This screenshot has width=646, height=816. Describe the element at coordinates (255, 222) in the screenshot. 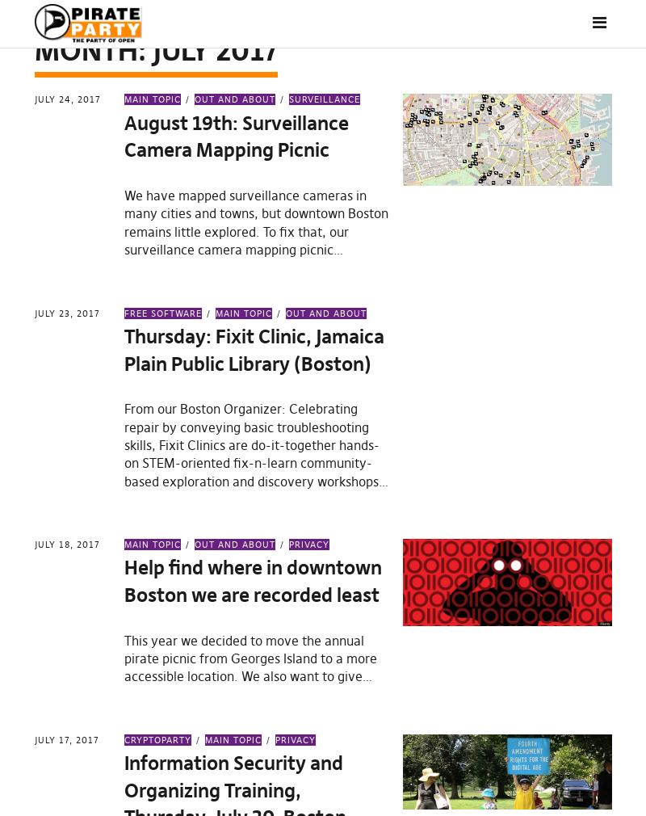

I see `'We have mapped surveillance cameras in many cities and towns, but downtown Boston remains little explored. To fix that, our surveillance camera mapping picnic…'` at that location.